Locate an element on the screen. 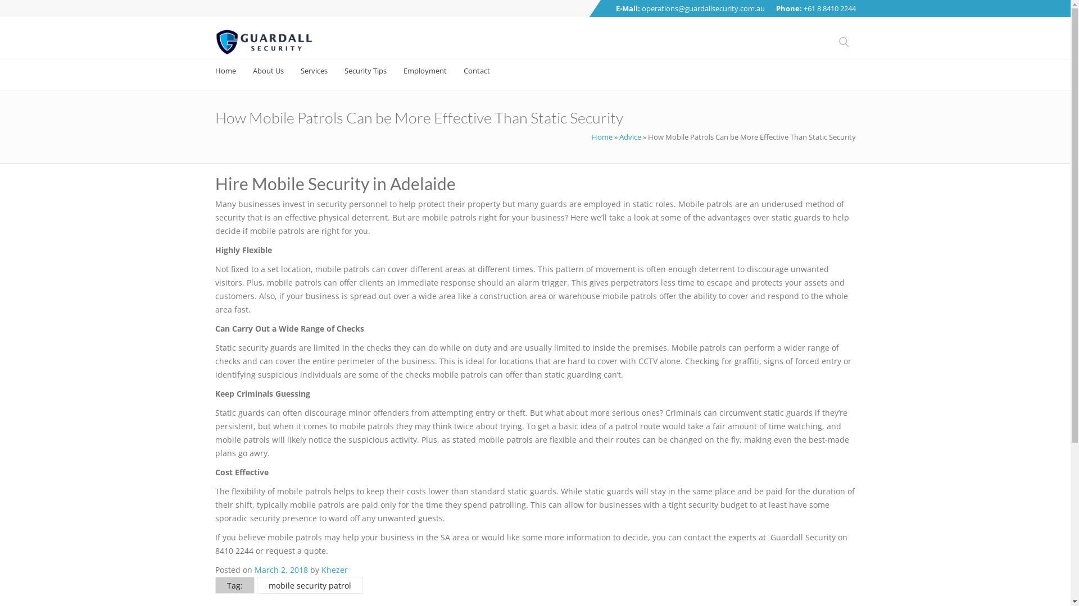 The height and width of the screenshot is (606, 1079). 'Services' is located at coordinates (300, 71).